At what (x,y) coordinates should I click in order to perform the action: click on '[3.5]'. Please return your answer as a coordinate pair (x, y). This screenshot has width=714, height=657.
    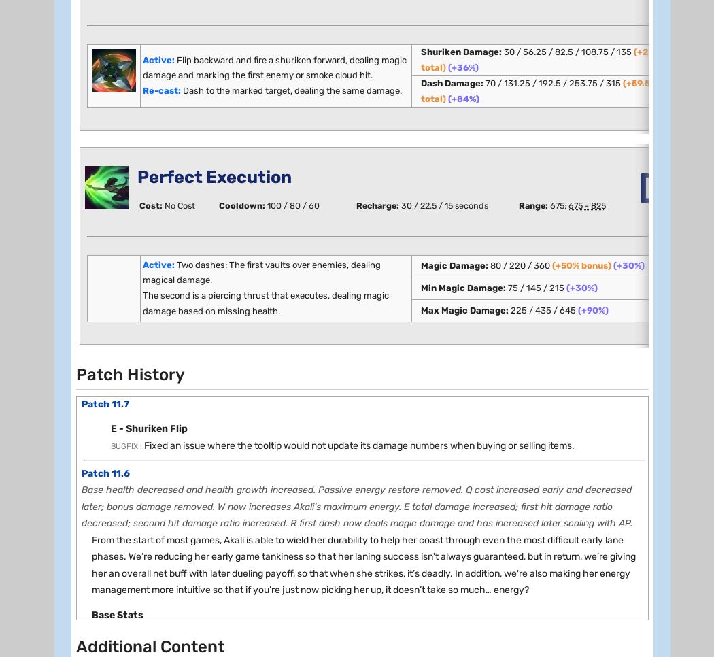
    Looking at the image, I should click on (182, 118).